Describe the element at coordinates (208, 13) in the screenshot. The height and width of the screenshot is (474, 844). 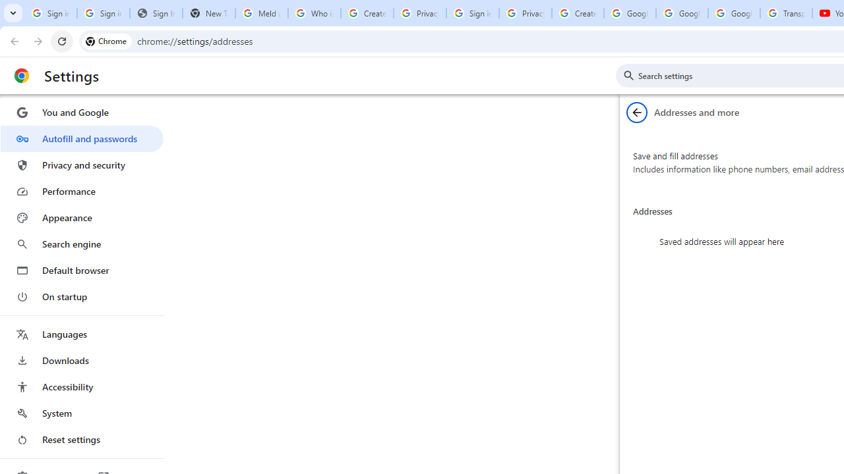
I see `'New Tab'` at that location.